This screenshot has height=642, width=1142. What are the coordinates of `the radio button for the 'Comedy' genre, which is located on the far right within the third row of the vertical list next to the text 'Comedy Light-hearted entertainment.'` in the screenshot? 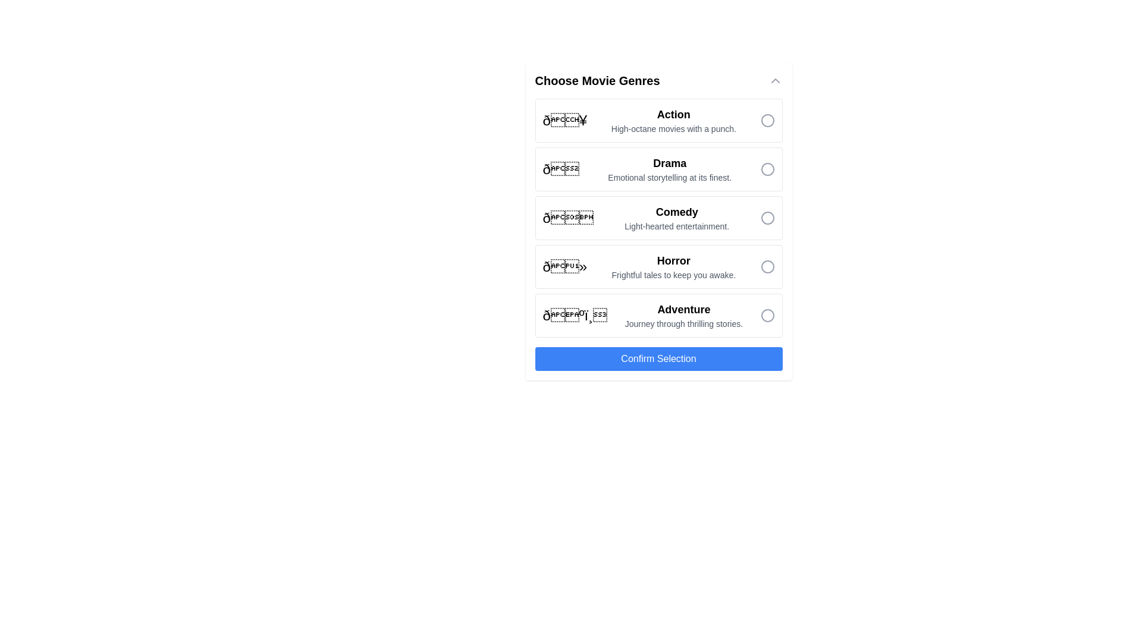 It's located at (767, 218).